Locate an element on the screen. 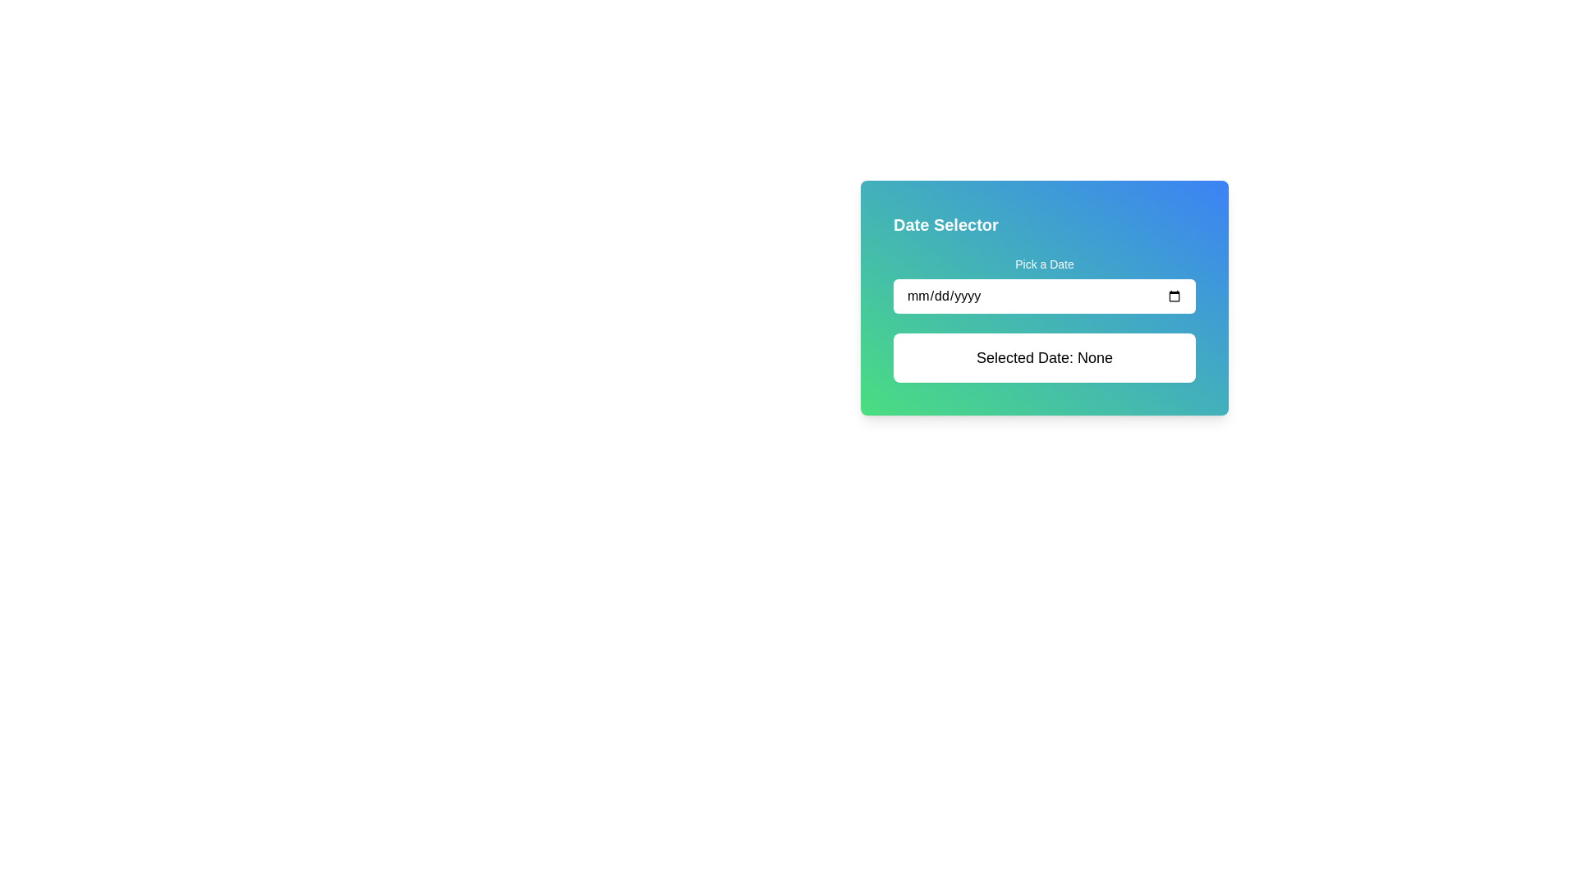 The image size is (1577, 887). the Text Label that indicates the currently selected date, which is located at the bottom of the 'Date Selector' modal and updates dynamically as the user selects a date is located at coordinates (1044, 356).